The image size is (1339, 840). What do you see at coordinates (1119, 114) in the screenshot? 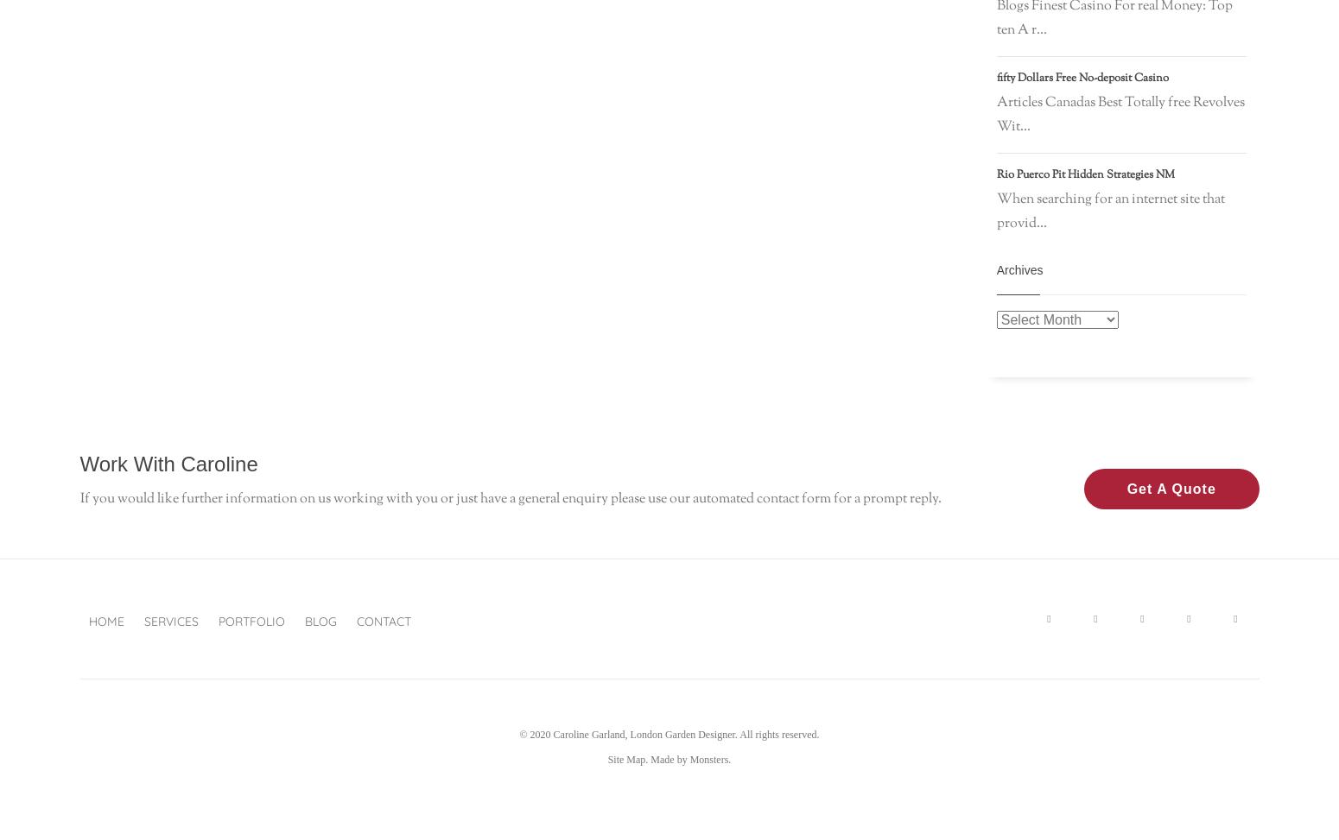
I see `'Articles Canadas Best Totally free Revolves Wit...'` at bounding box center [1119, 114].